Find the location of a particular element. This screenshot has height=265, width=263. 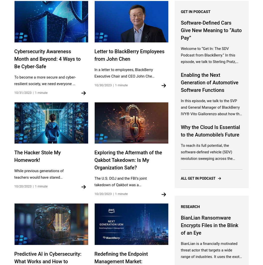

'Corporate' is located at coordinates (22, 144).